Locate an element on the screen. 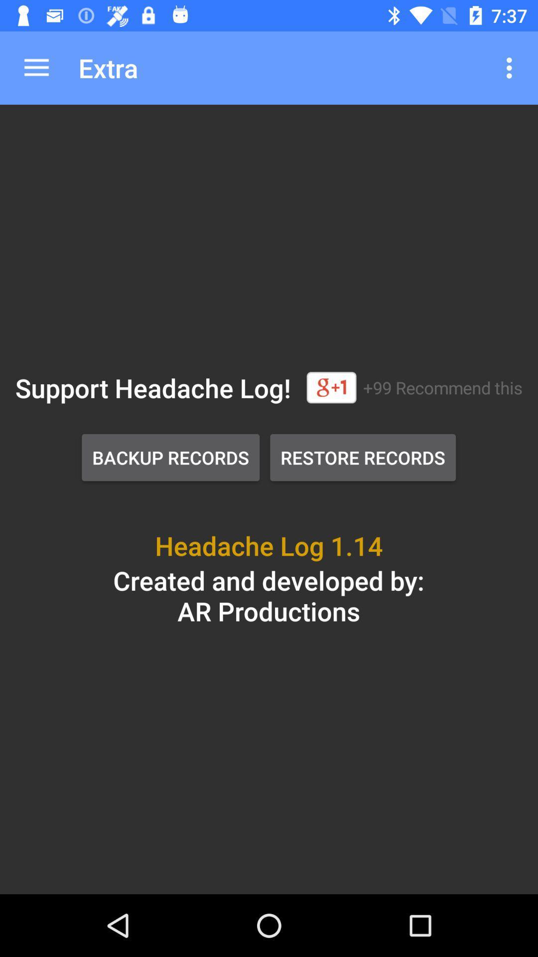  icon next to backup records is located at coordinates (363, 457).